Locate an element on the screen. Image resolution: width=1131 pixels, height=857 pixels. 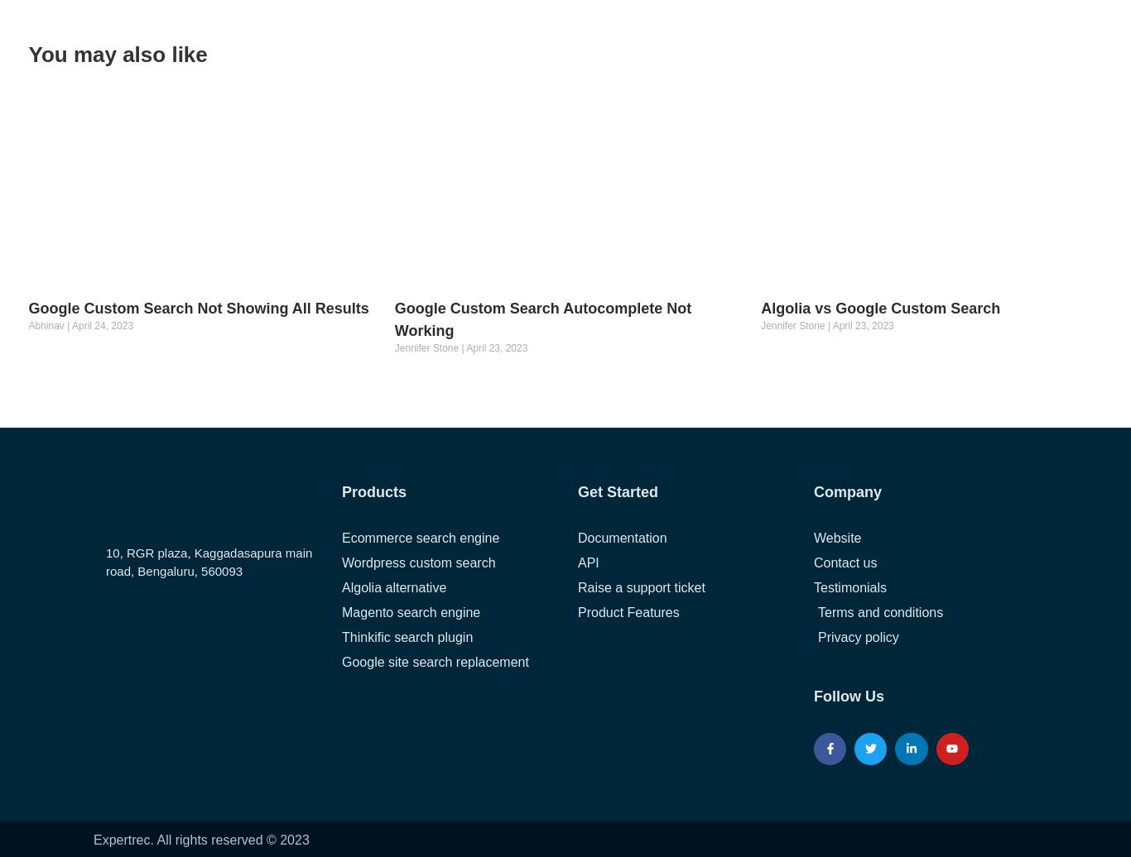
'April 24, 2023' is located at coordinates (100, 324).